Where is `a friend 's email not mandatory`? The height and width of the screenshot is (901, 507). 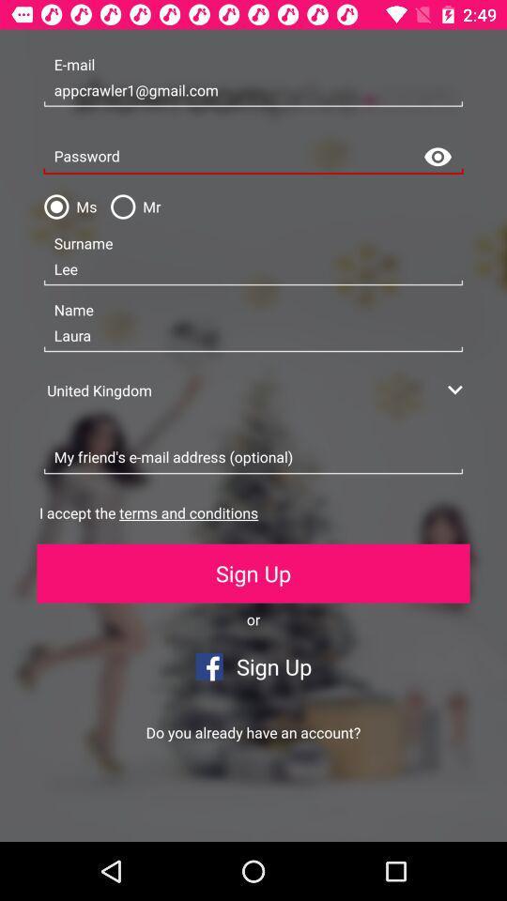 a friend 's email not mandatory is located at coordinates (253, 457).